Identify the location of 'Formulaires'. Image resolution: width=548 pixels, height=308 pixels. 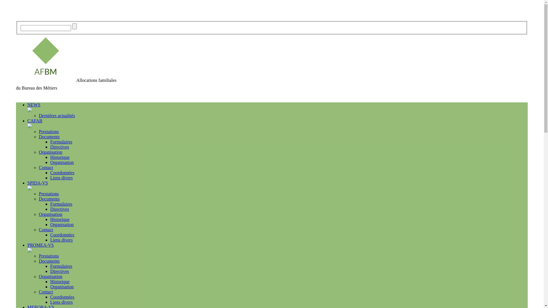
(61, 141).